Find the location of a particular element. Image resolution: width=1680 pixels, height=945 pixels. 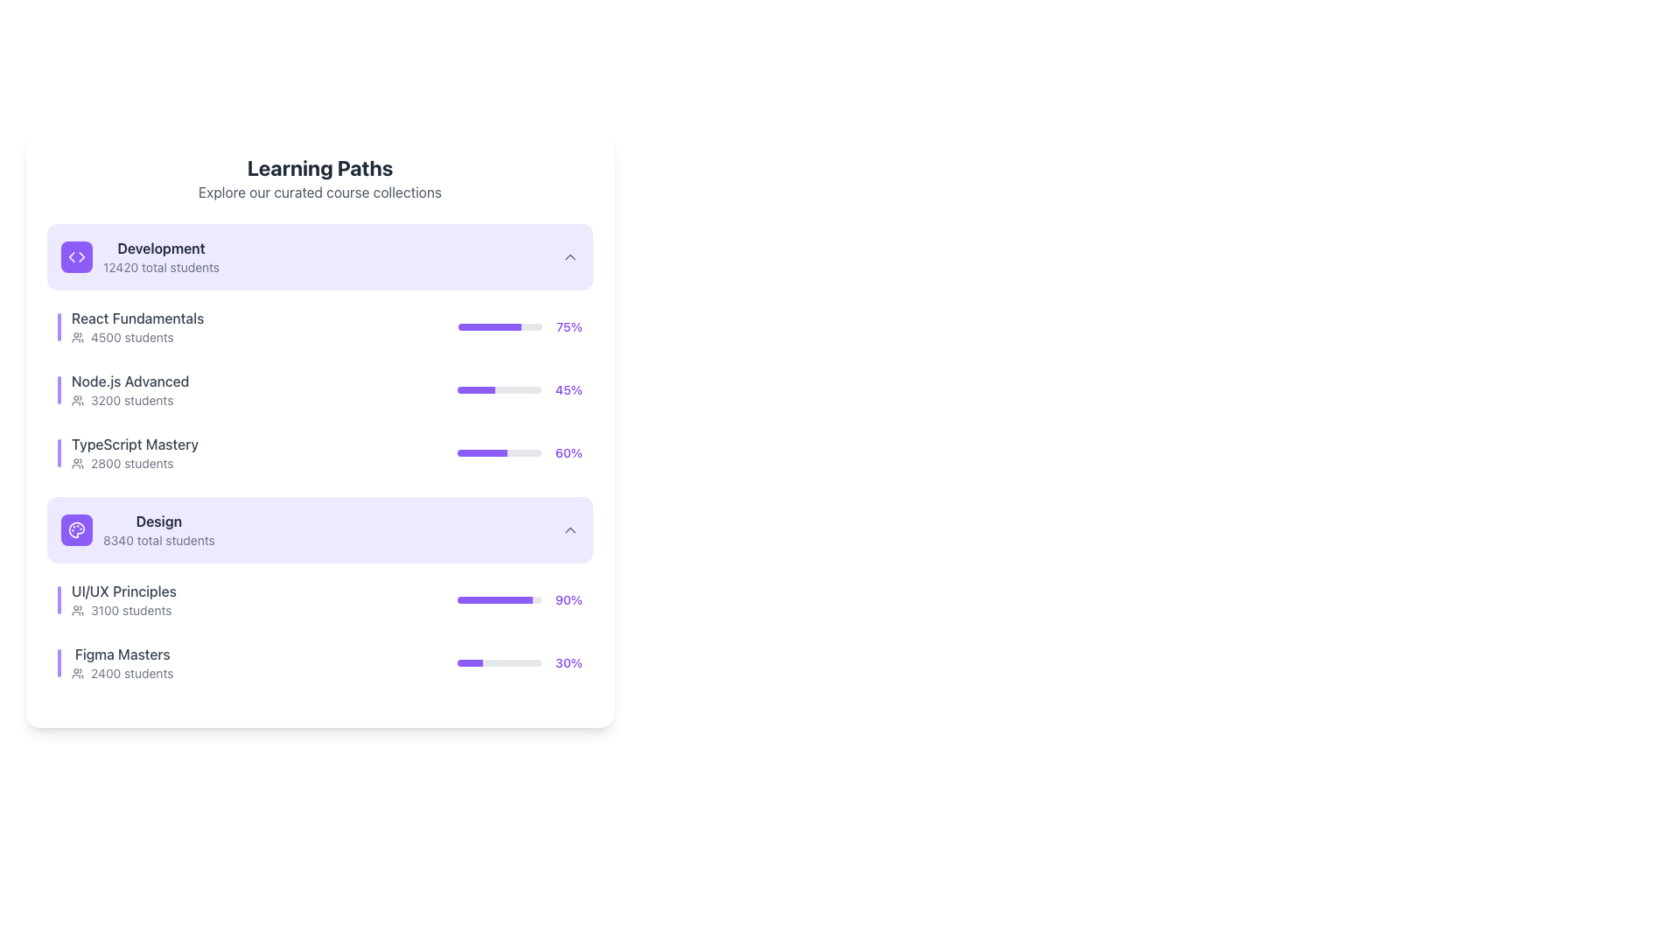

the decorative SVG icon representing users or students associated with the course, located in the Node.js Advanced section under Learning Paths is located at coordinates (77, 401).